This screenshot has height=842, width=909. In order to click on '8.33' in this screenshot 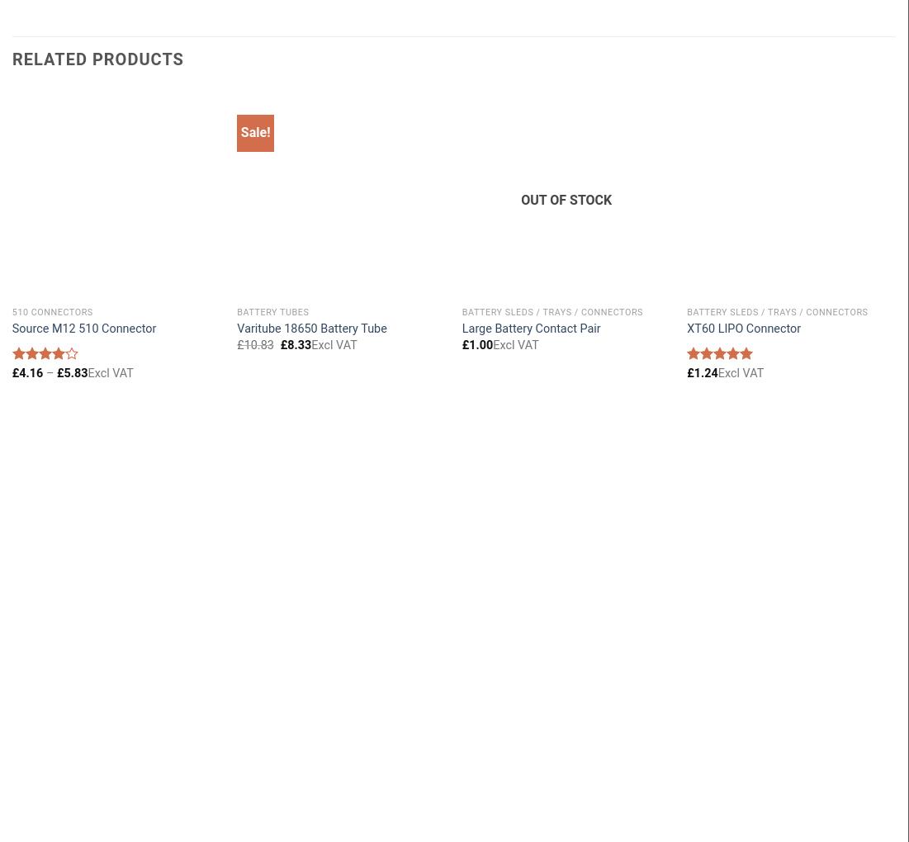, I will do `click(299, 344)`.